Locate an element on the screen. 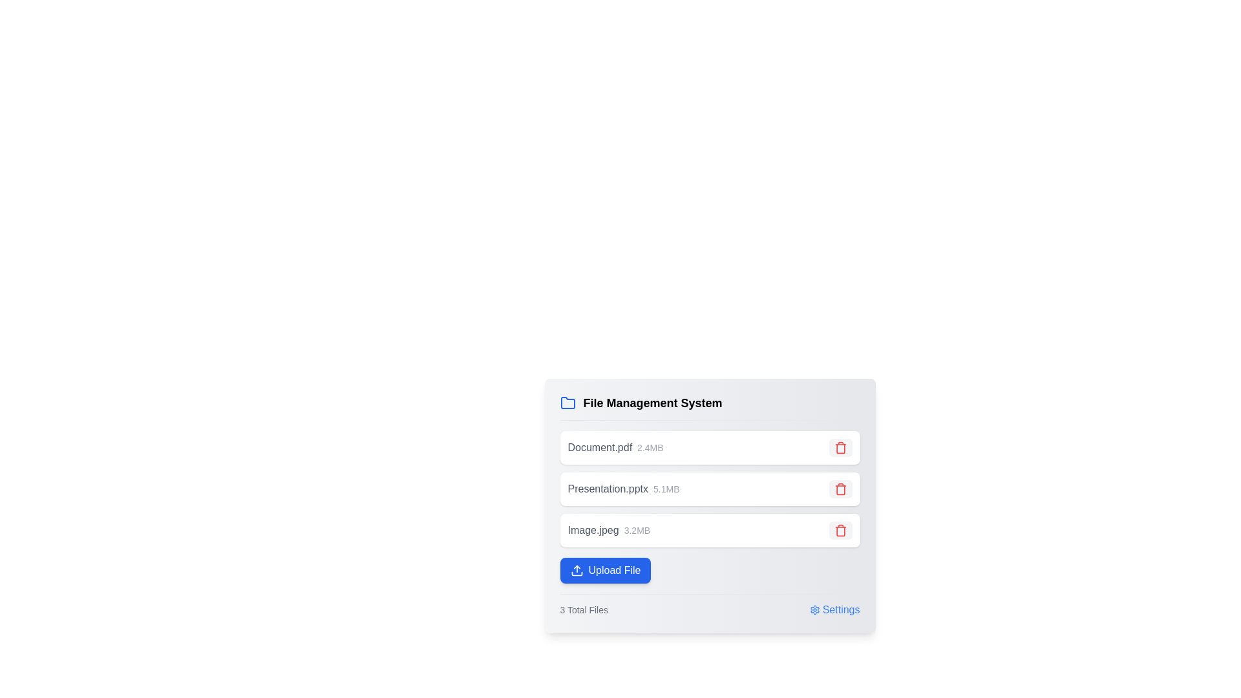 Image resolution: width=1241 pixels, height=698 pixels. the 'Settings' text label to observe the hover effect, which changes the text color to a deeper blue is located at coordinates (841, 610).